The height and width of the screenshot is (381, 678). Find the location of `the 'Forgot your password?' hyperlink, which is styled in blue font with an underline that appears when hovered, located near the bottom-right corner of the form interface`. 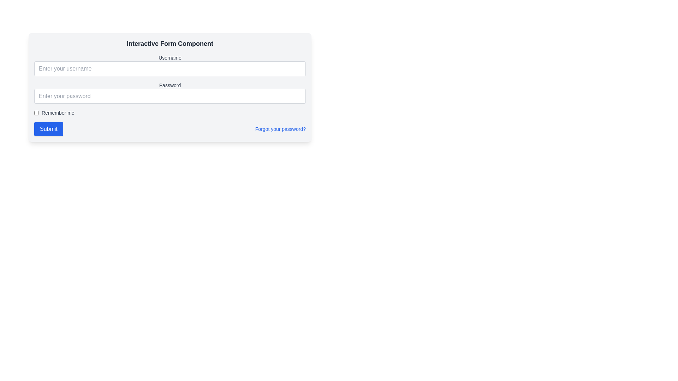

the 'Forgot your password?' hyperlink, which is styled in blue font with an underline that appears when hovered, located near the bottom-right corner of the form interface is located at coordinates (280, 129).